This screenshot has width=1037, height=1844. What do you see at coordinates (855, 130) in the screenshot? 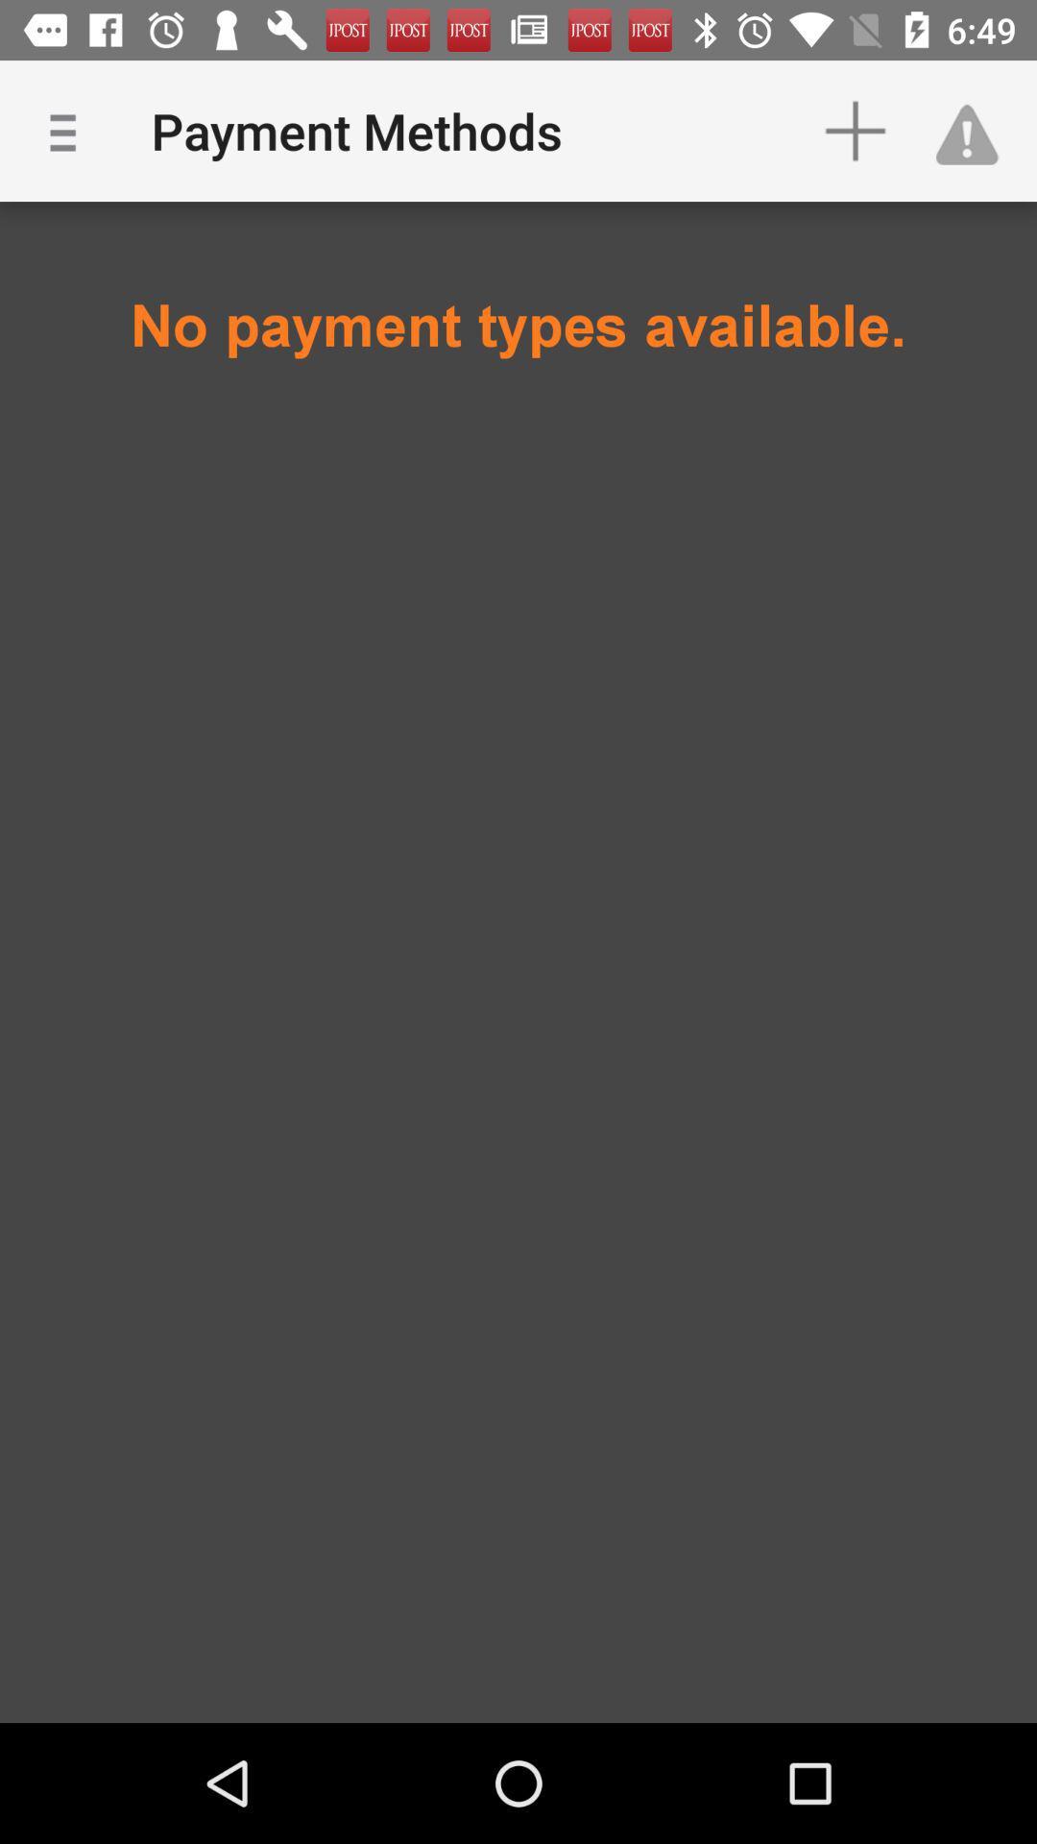
I see `item above the no payment types item` at bounding box center [855, 130].